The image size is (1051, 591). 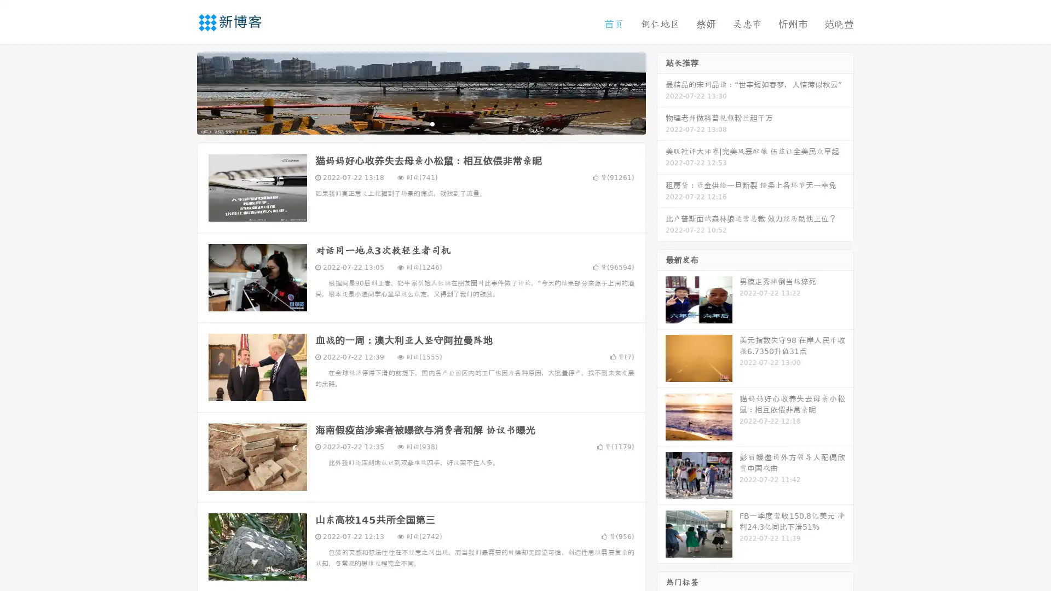 What do you see at coordinates (420, 123) in the screenshot?
I see `Go to slide 2` at bounding box center [420, 123].